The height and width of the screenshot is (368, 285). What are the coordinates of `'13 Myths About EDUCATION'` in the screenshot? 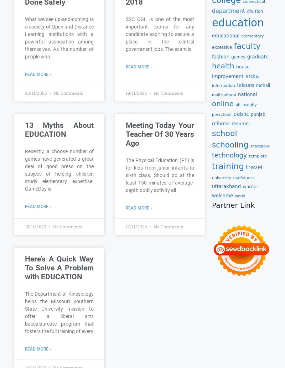 It's located at (59, 129).